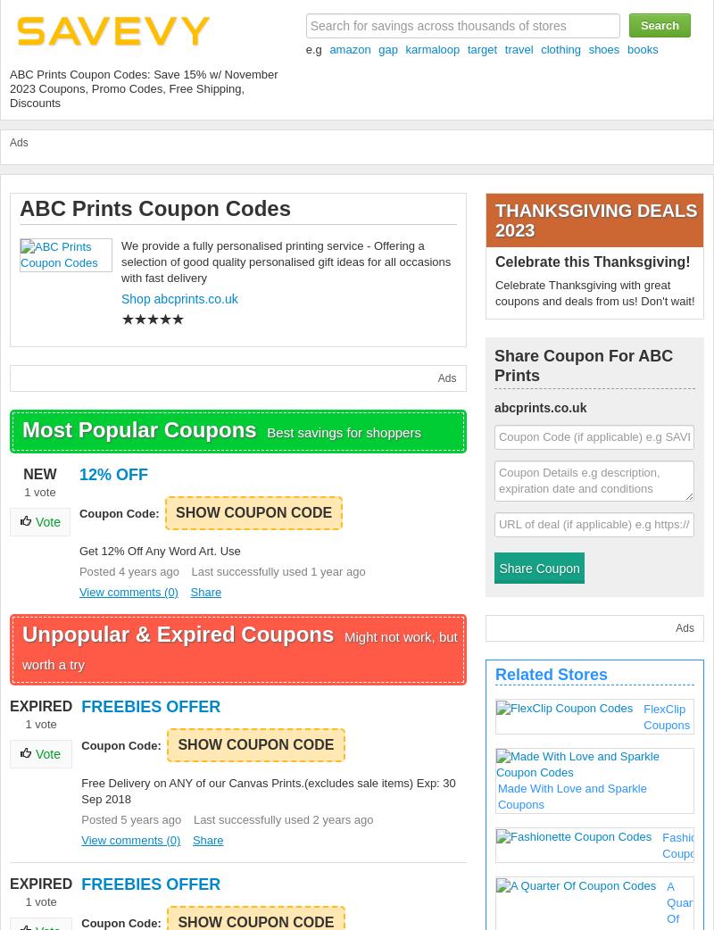 This screenshot has width=714, height=930. What do you see at coordinates (432, 48) in the screenshot?
I see `'karmaloop'` at bounding box center [432, 48].